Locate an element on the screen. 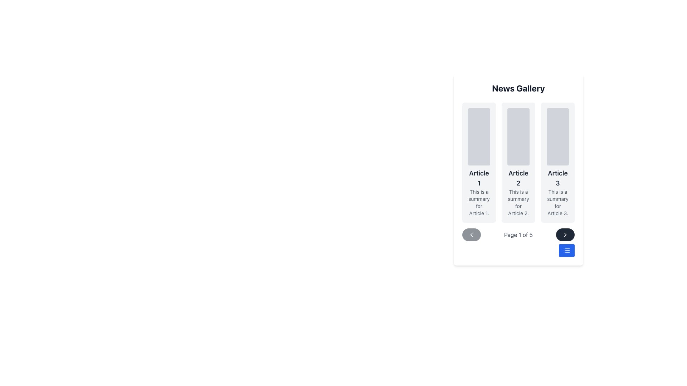  the compact list icon located inside the blue button at the lower right corner of the interface is located at coordinates (566, 250).